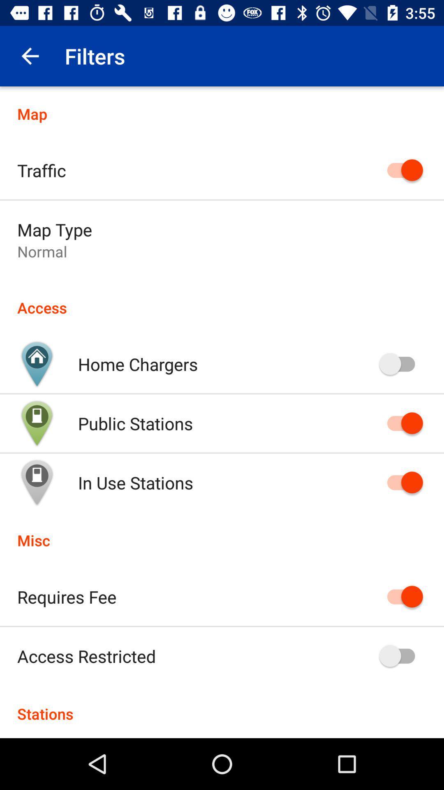  Describe the element at coordinates (30, 56) in the screenshot. I see `item next to the filters app` at that location.